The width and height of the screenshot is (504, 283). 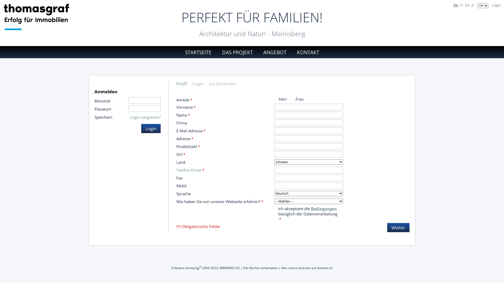 What do you see at coordinates (306, 52) in the screenshot?
I see `'KONTAKT'` at bounding box center [306, 52].